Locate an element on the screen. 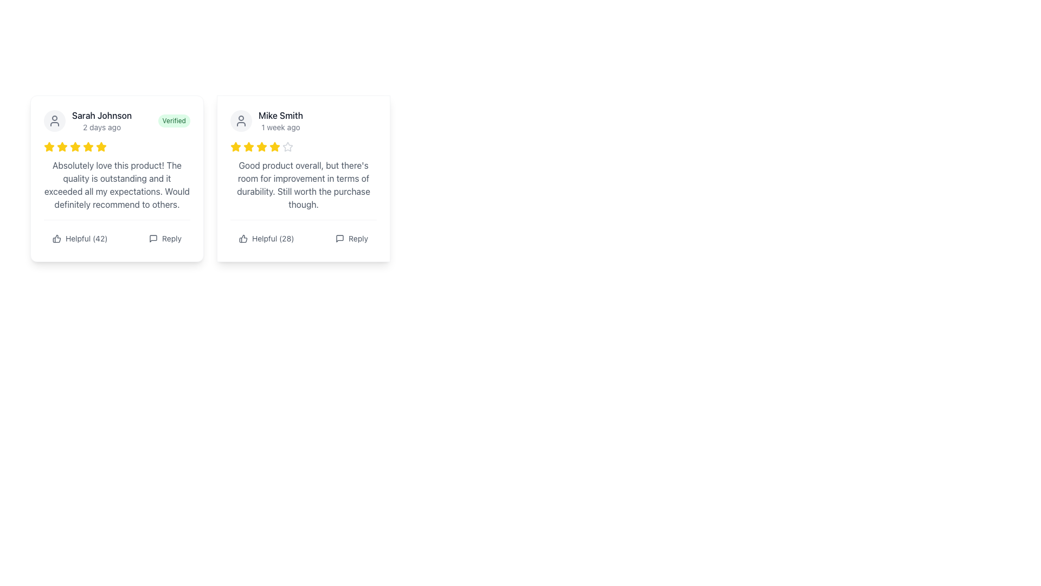  text element displaying 'Mike Smith' located in the top-right user review card, positioned above the timestamp '1 week ago' is located at coordinates (281, 115).